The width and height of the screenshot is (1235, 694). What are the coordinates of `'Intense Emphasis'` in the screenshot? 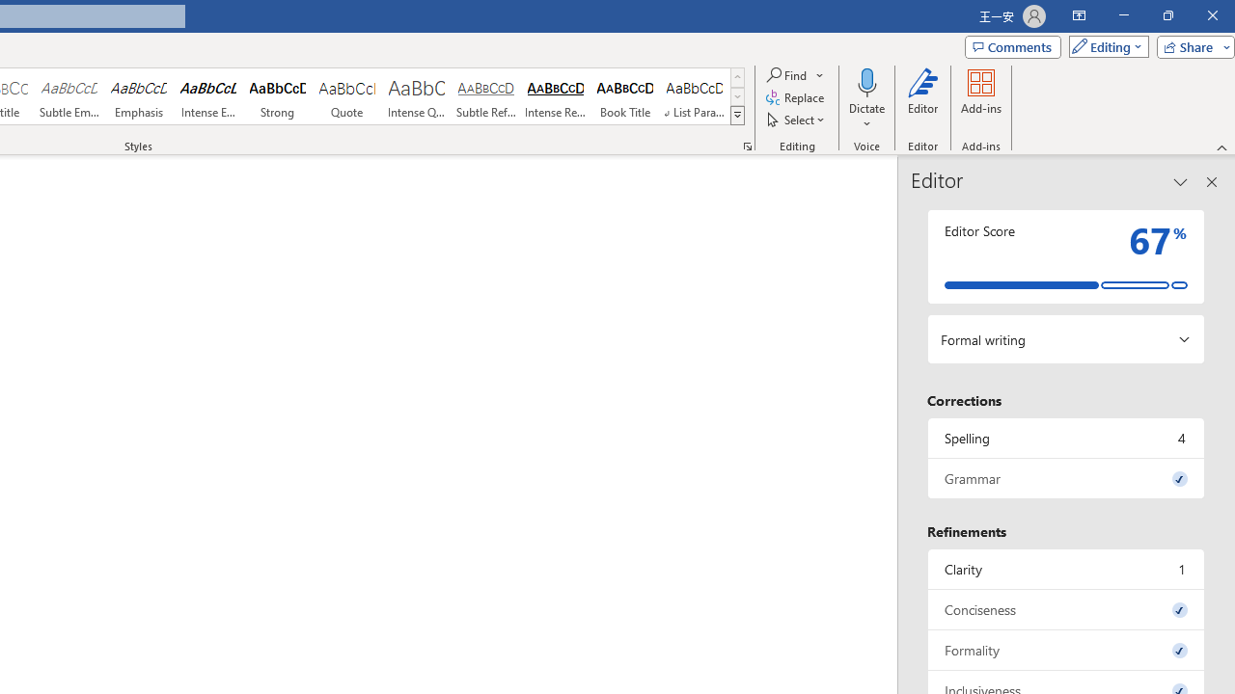 It's located at (208, 96).